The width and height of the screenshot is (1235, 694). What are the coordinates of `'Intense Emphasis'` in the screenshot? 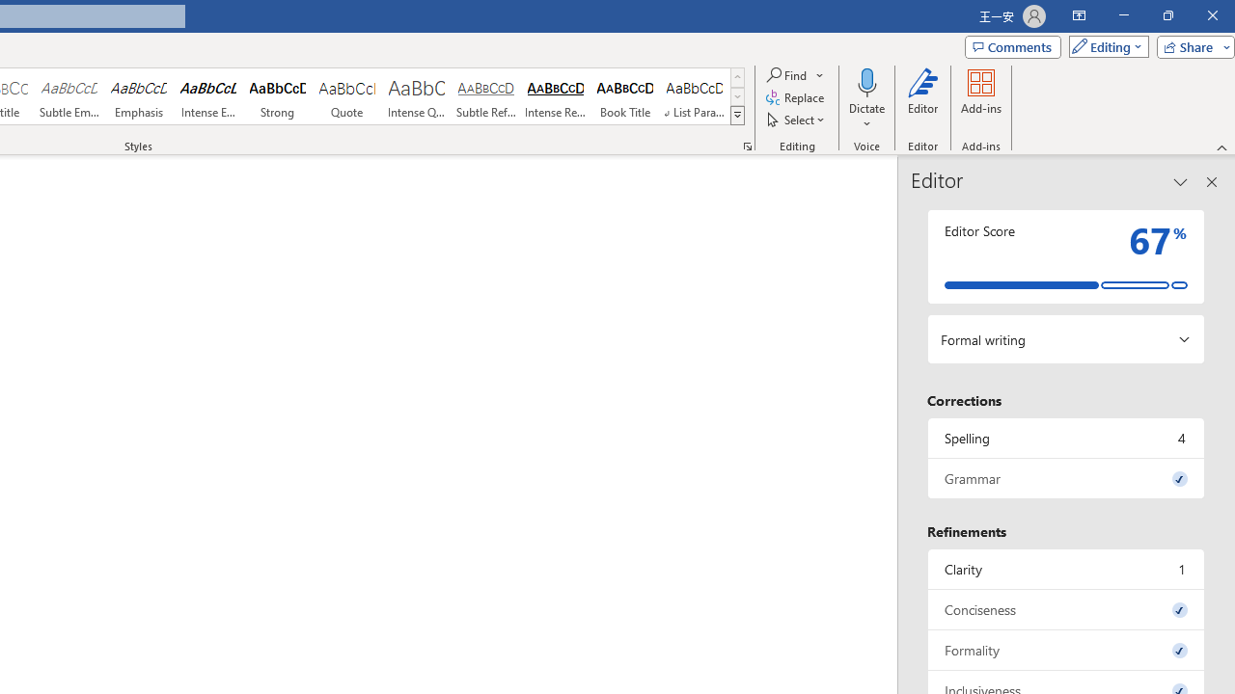 It's located at (208, 96).